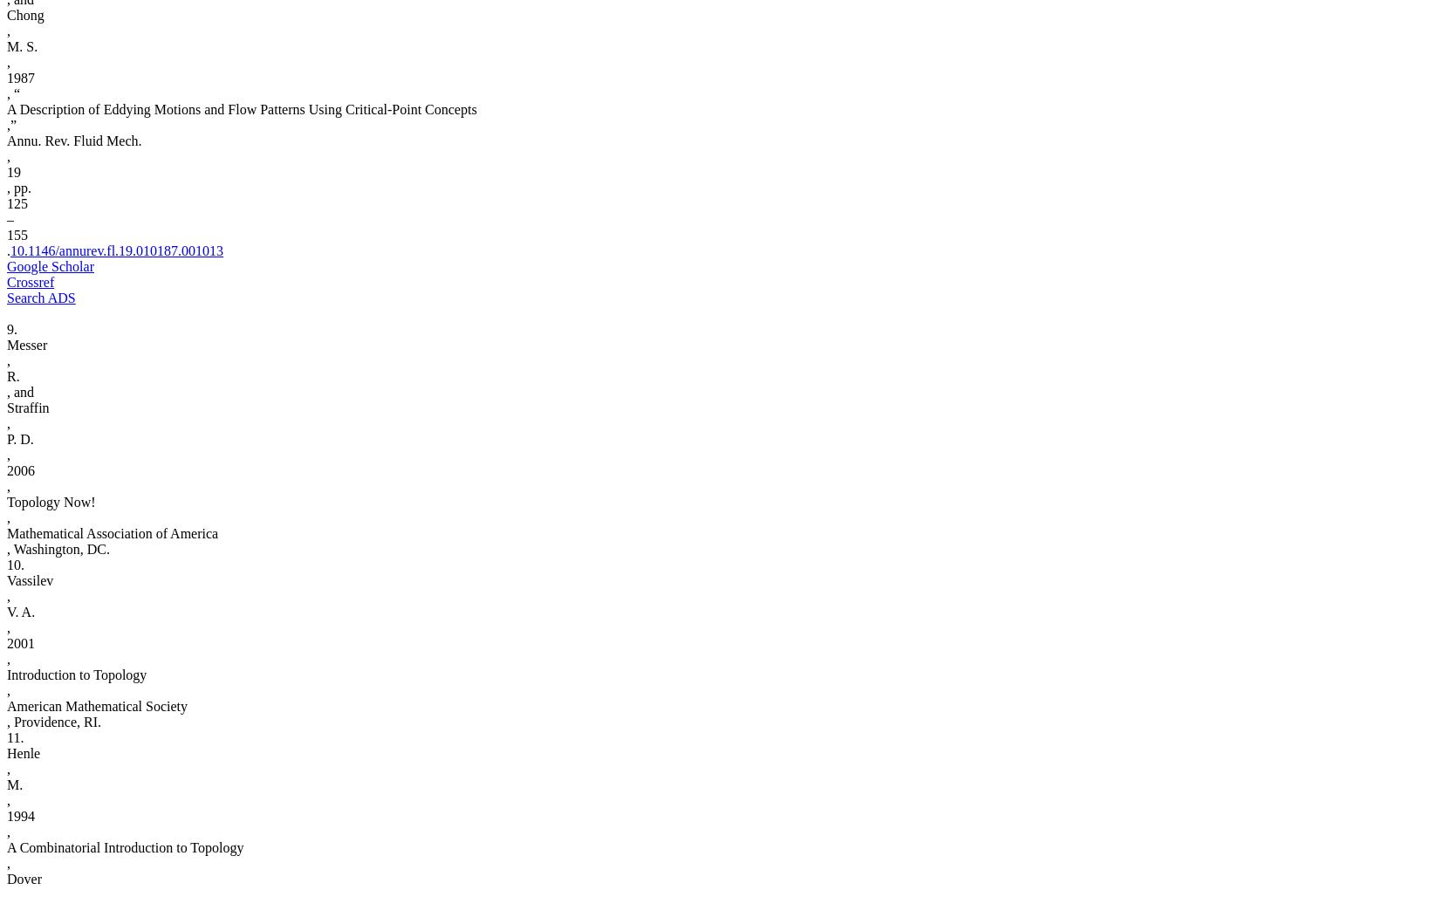 The width and height of the screenshot is (1445, 897). I want to click on 'Crossref', so click(29, 281).